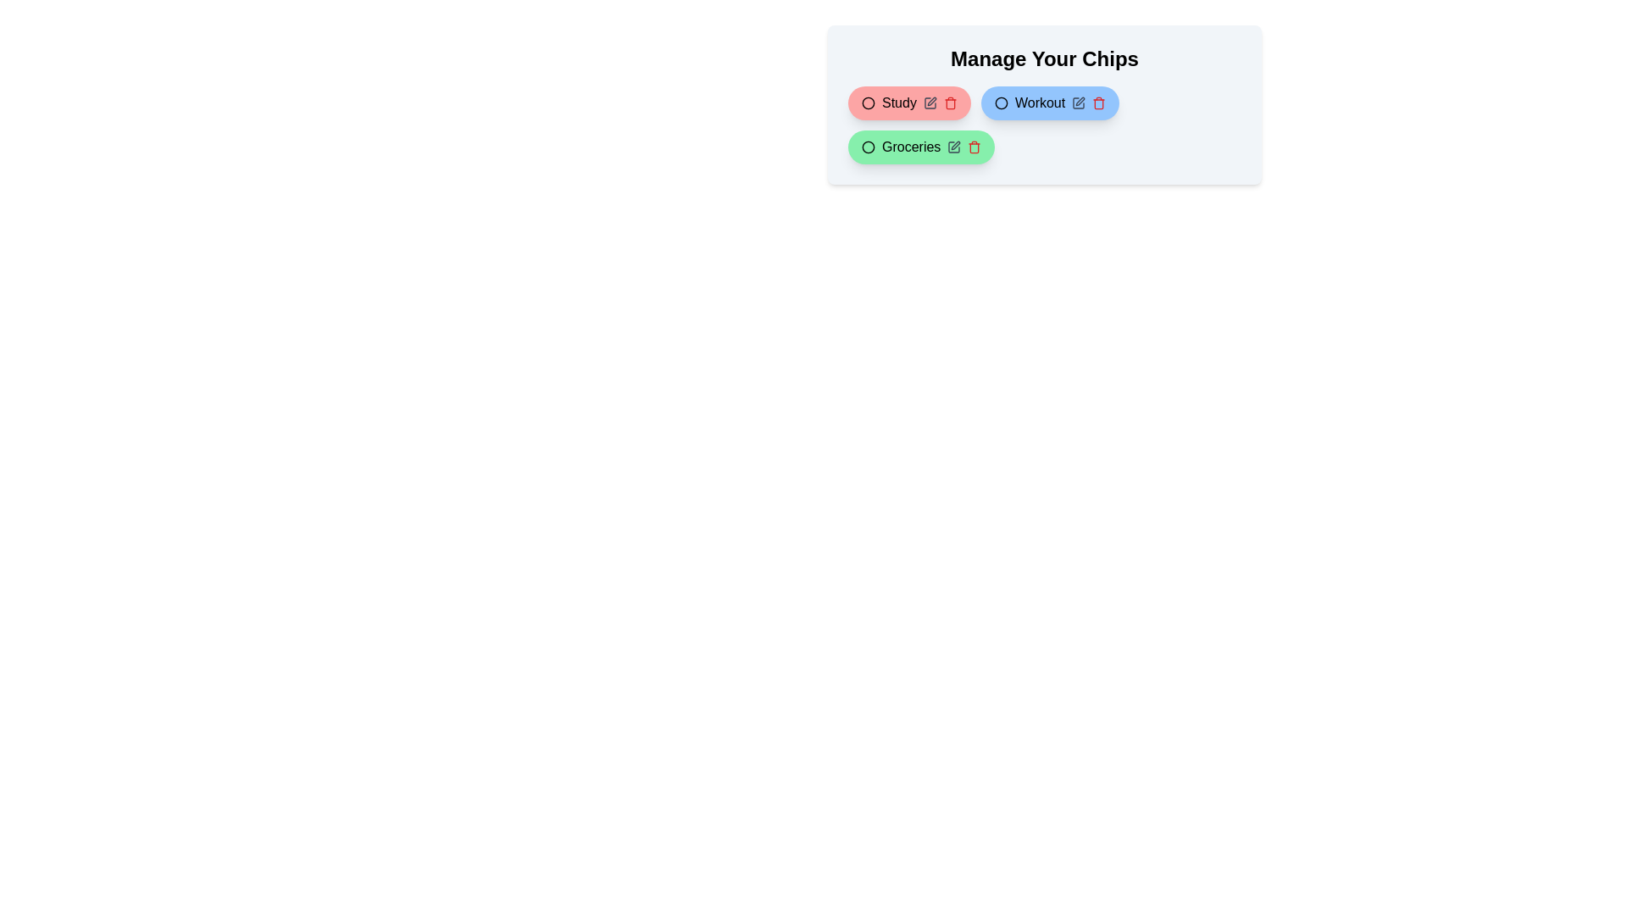 The height and width of the screenshot is (915, 1627). What do you see at coordinates (1099, 103) in the screenshot?
I see `delete button for the chip labeled Workout` at bounding box center [1099, 103].